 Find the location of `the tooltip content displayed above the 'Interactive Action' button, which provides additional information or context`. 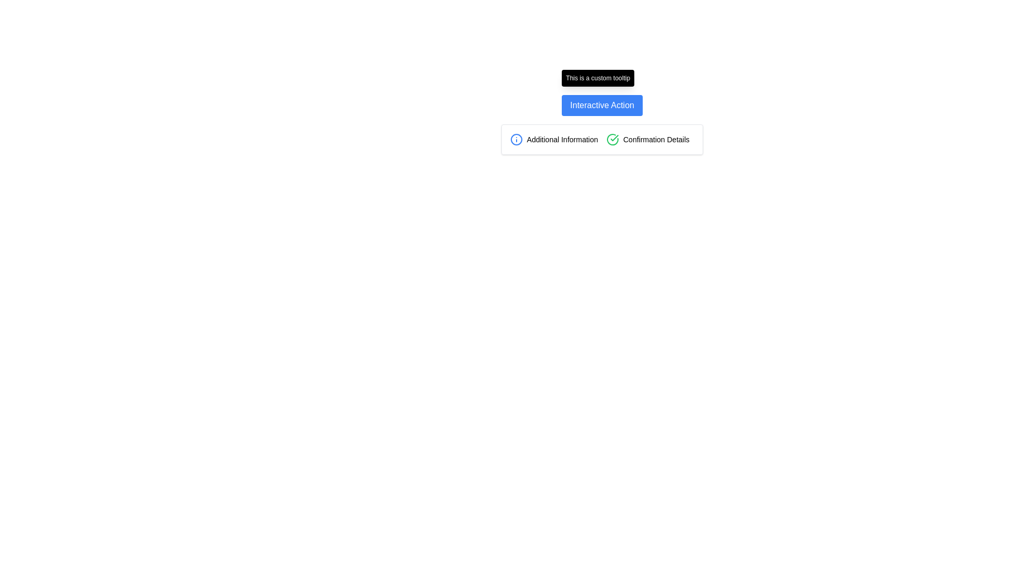

the tooltip content displayed above the 'Interactive Action' button, which provides additional information or context is located at coordinates (598, 78).